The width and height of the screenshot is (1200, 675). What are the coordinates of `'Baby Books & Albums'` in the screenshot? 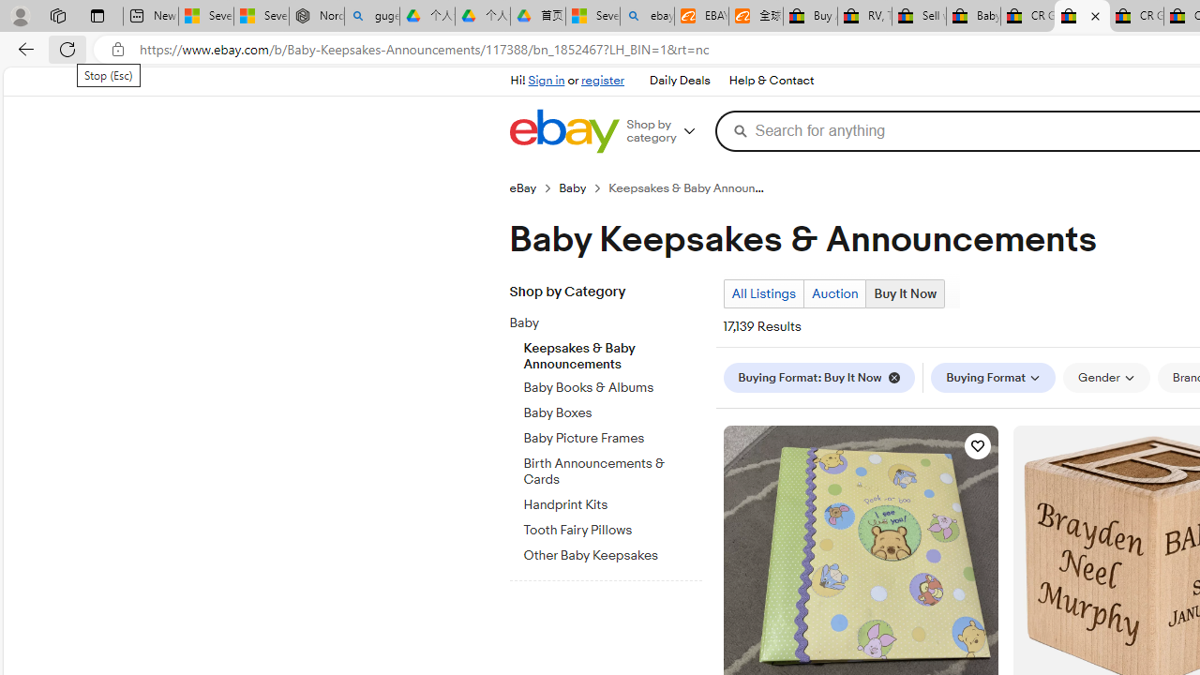 It's located at (612, 387).